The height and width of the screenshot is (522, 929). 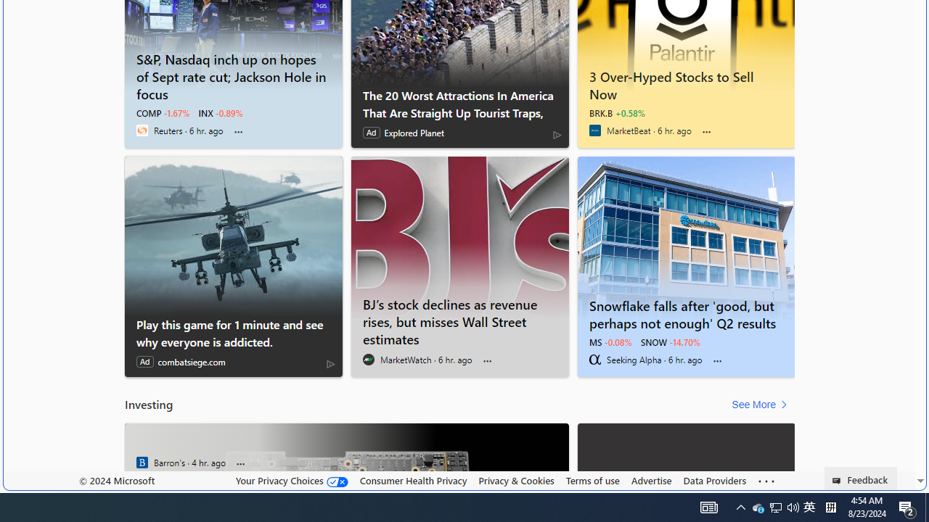 I want to click on 'Data Providers', so click(x=714, y=480).